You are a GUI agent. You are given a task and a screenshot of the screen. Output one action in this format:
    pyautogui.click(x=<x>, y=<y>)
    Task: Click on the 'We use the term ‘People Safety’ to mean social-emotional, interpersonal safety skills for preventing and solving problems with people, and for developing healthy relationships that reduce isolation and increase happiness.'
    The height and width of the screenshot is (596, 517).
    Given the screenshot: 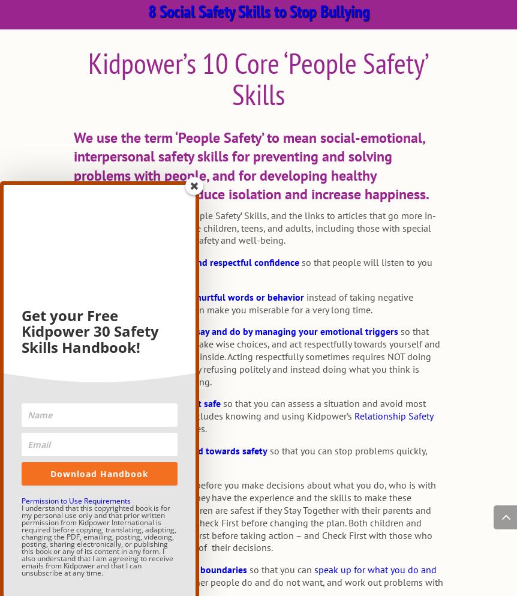 What is the action you would take?
    pyautogui.click(x=250, y=165)
    